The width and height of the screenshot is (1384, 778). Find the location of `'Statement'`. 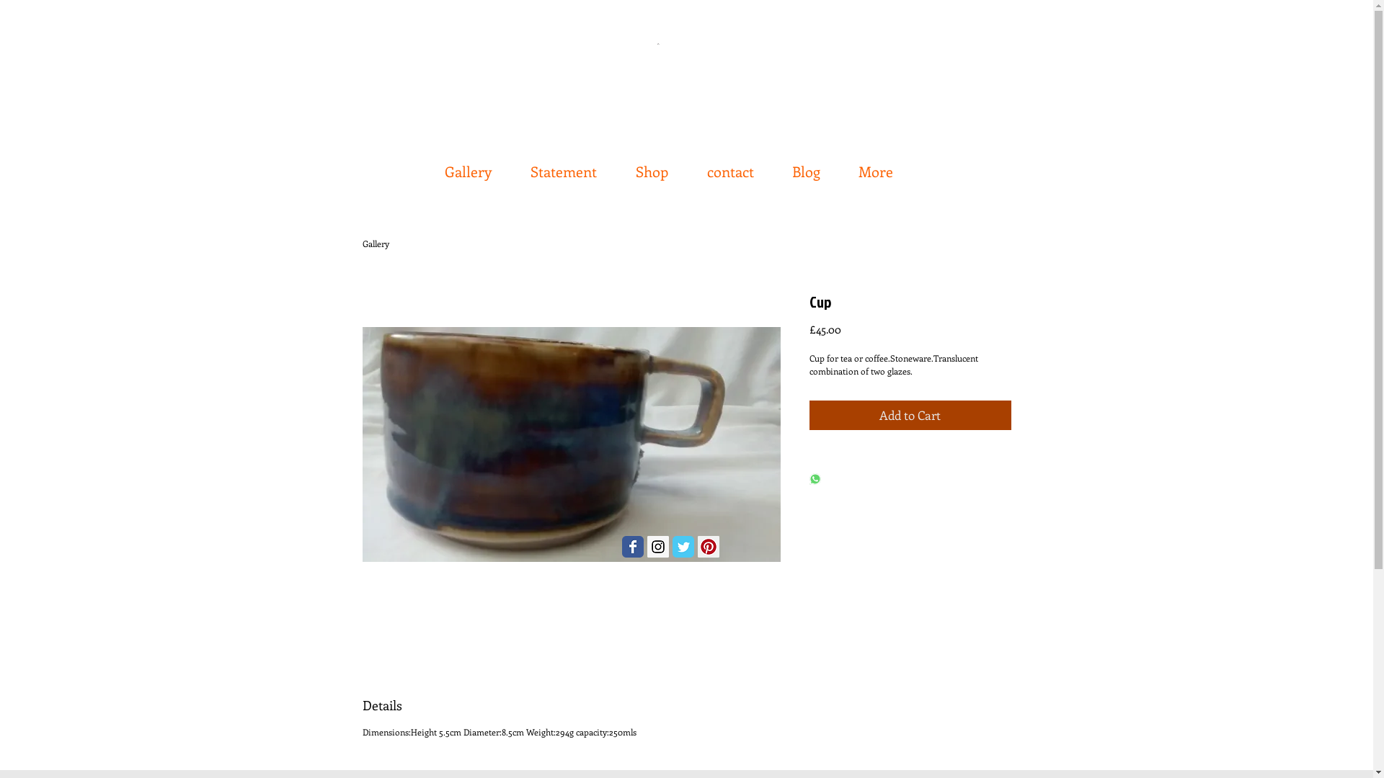

'Statement' is located at coordinates (565, 164).